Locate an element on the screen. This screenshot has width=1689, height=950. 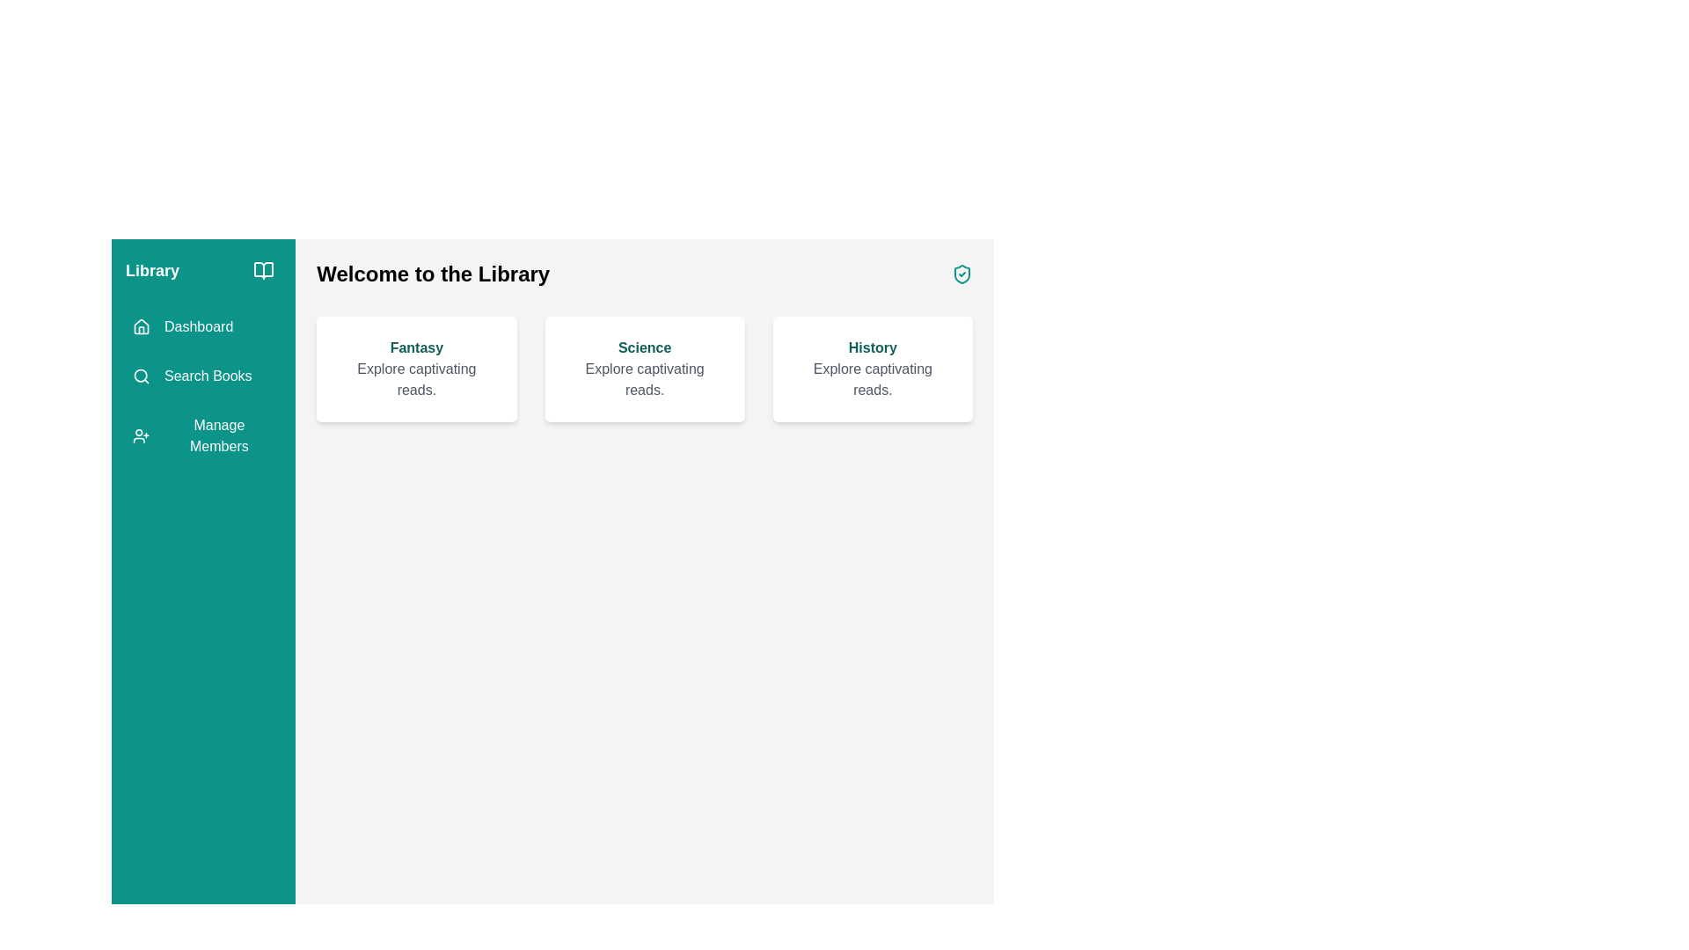
the 'Manage Members' icon is located at coordinates (141, 435).